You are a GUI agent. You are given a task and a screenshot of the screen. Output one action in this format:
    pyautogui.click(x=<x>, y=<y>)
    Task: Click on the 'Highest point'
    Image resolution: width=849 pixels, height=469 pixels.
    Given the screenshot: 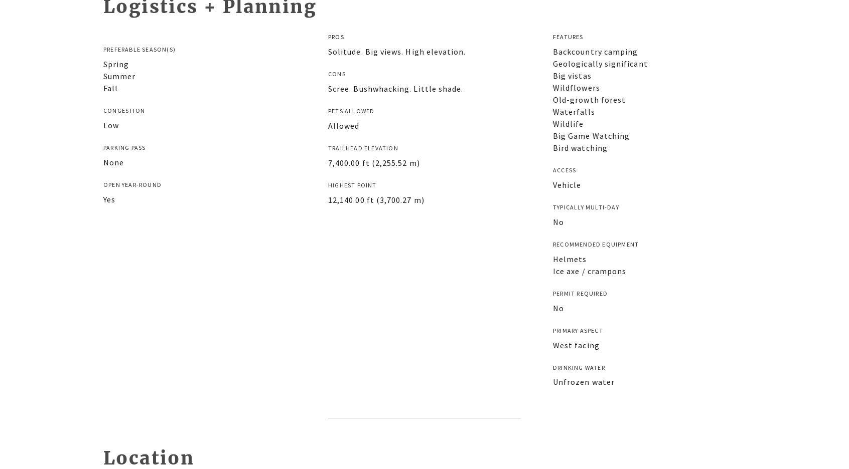 What is the action you would take?
    pyautogui.click(x=352, y=184)
    